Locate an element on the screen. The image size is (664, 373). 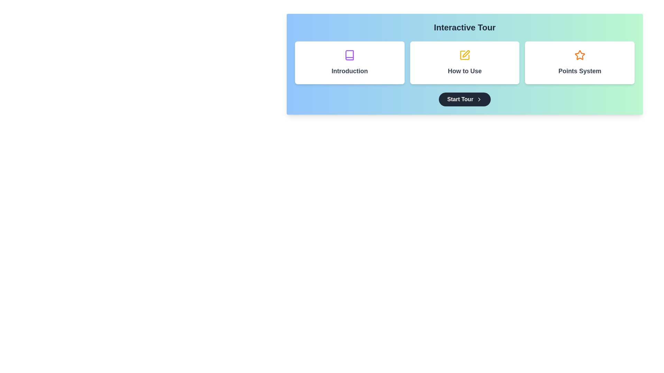
the purple-colored book icon located at the top-center of the 'Introduction' card in the upper section of the interface is located at coordinates (350, 55).